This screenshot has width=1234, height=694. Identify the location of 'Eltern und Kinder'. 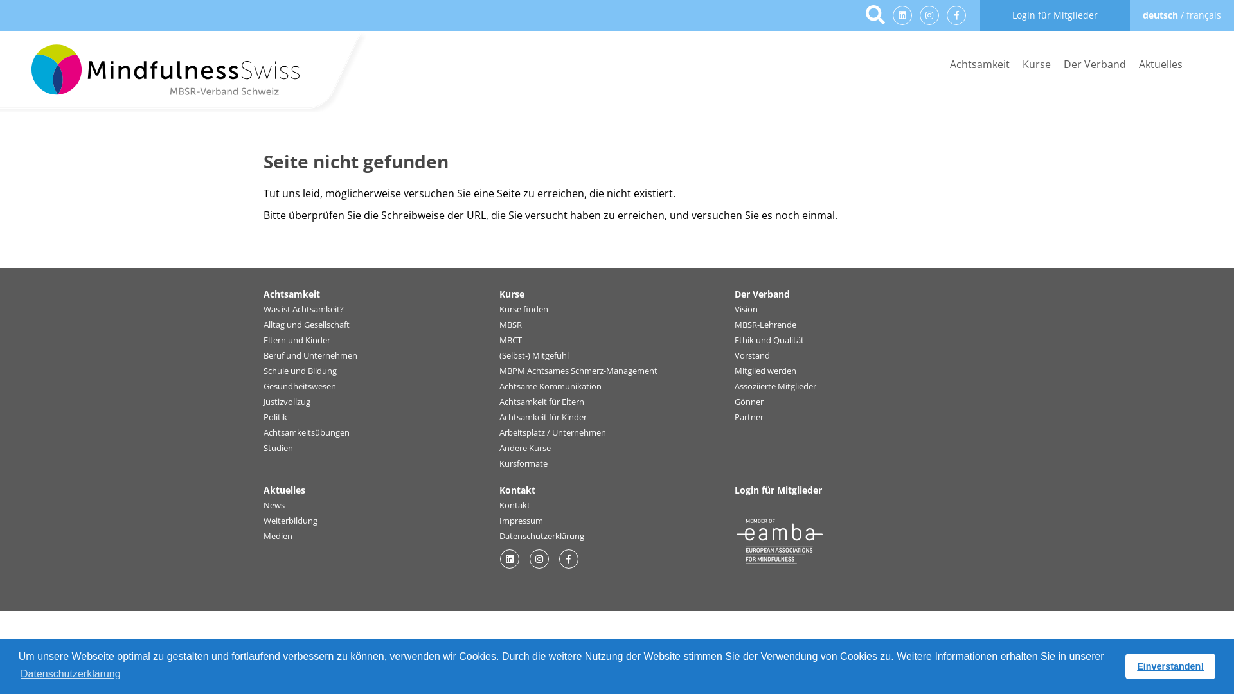
(296, 339).